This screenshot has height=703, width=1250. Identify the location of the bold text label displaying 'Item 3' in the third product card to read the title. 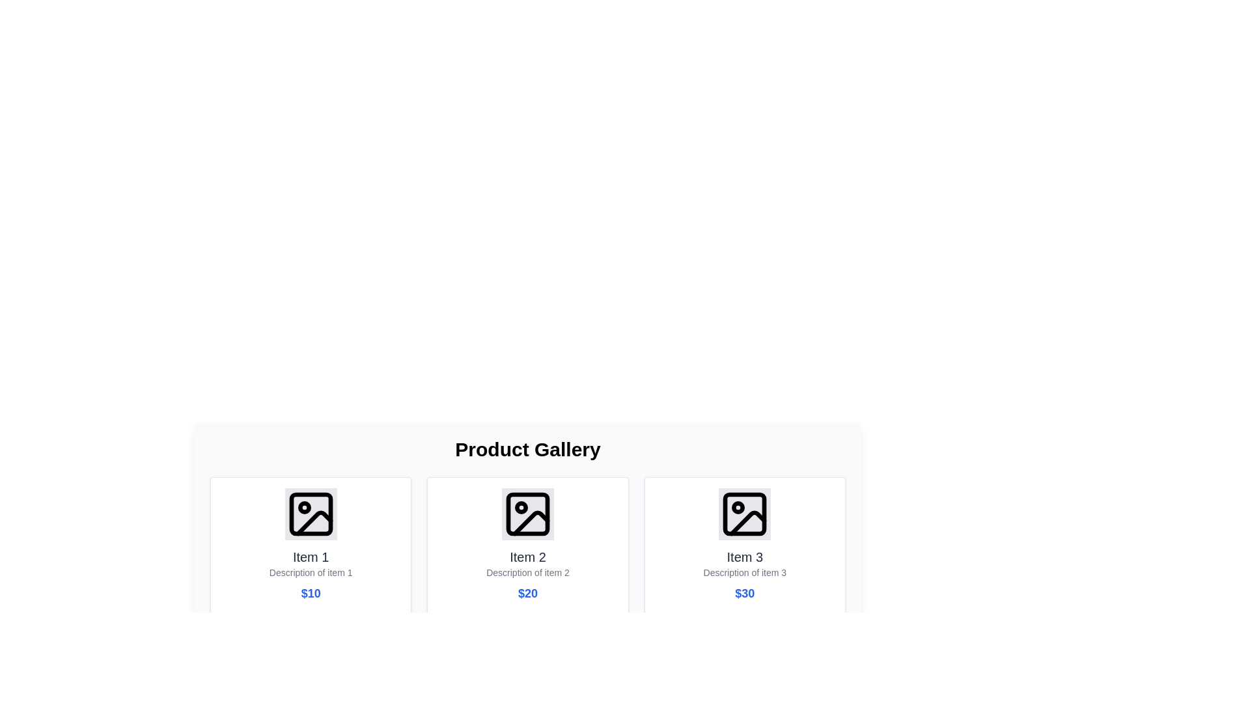
(745, 557).